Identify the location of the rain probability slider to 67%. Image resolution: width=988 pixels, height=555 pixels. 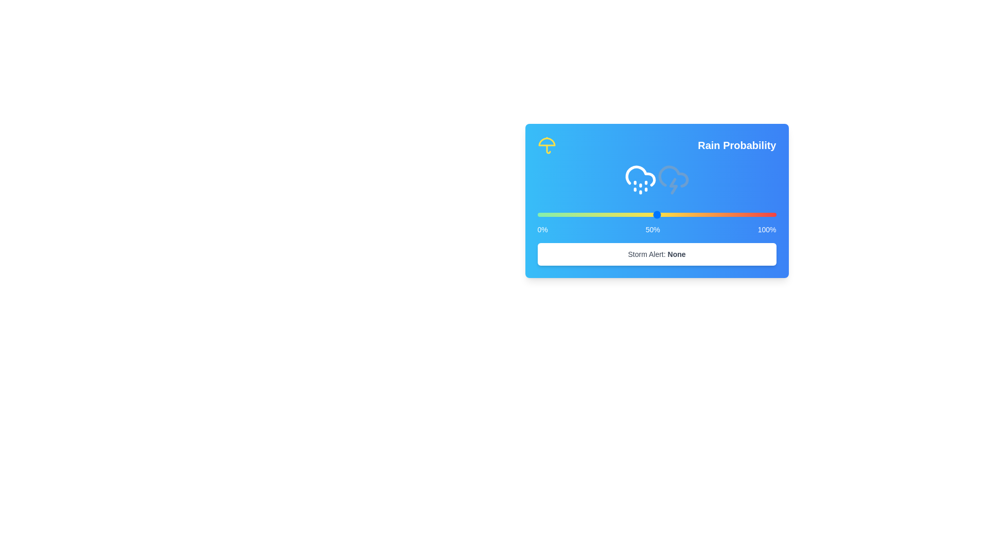
(697, 214).